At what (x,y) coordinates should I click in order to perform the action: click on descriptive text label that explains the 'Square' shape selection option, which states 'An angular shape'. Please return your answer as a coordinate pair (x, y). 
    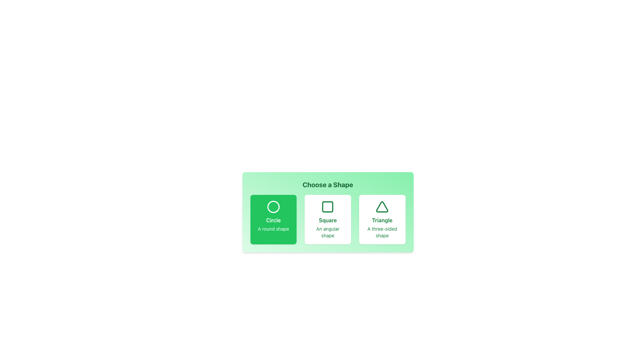
    Looking at the image, I should click on (328, 232).